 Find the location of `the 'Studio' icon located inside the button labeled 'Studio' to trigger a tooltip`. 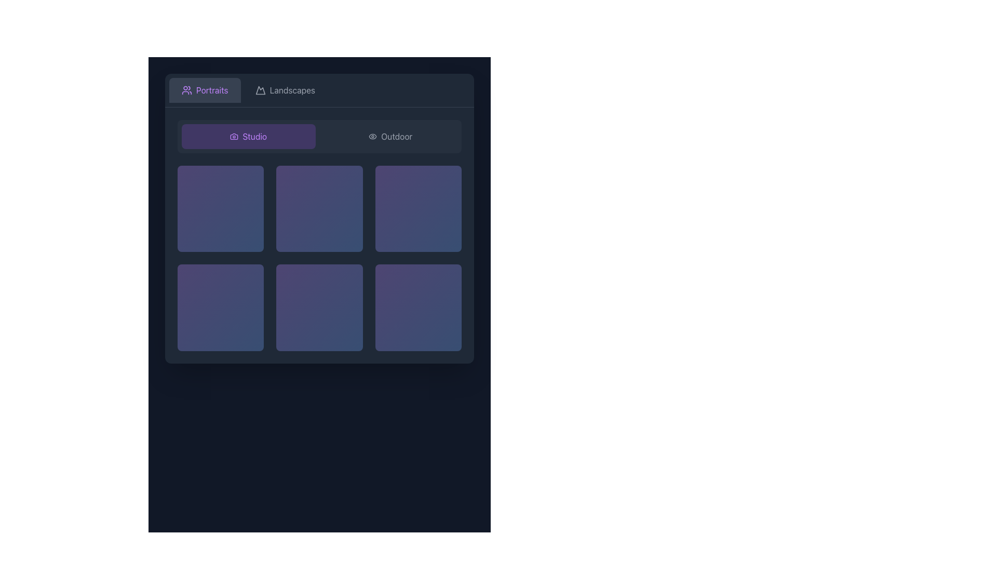

the 'Studio' icon located inside the button labeled 'Studio' to trigger a tooltip is located at coordinates (234, 136).